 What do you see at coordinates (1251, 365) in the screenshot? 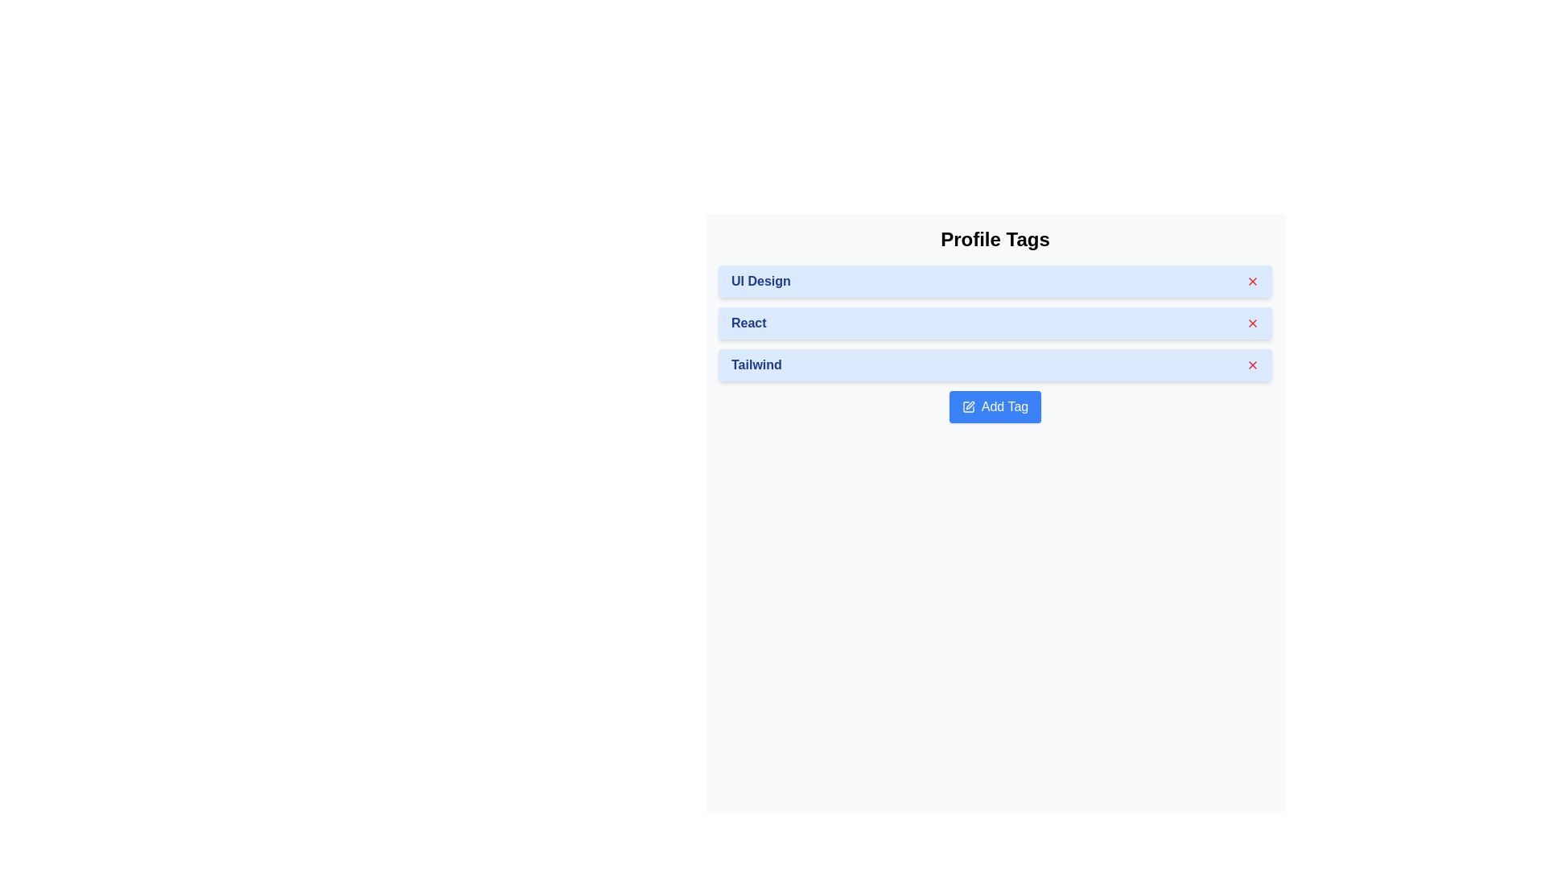
I see `the close icon button located on the right edge of the blue panel labeled 'Tailwind'` at bounding box center [1251, 365].